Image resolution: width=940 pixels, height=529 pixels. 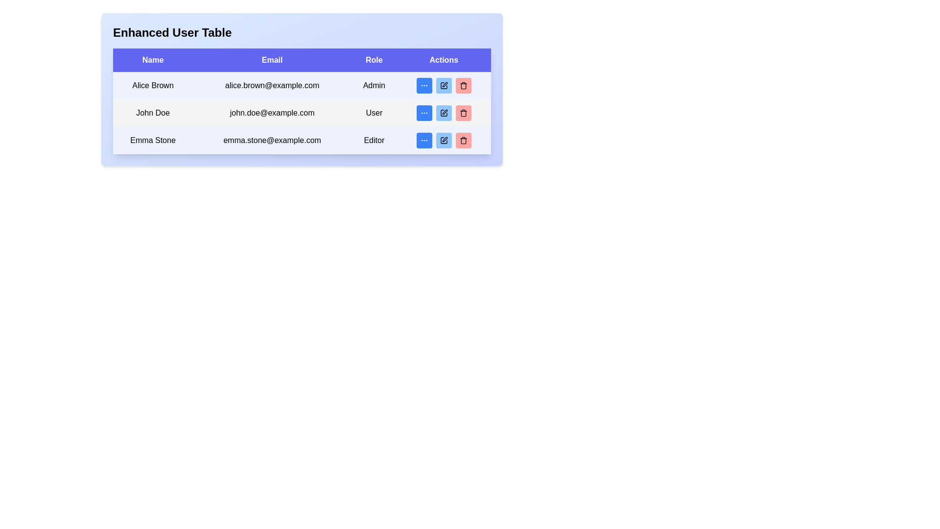 What do you see at coordinates (463, 85) in the screenshot?
I see `the pink background button with a trash can icon located` at bounding box center [463, 85].